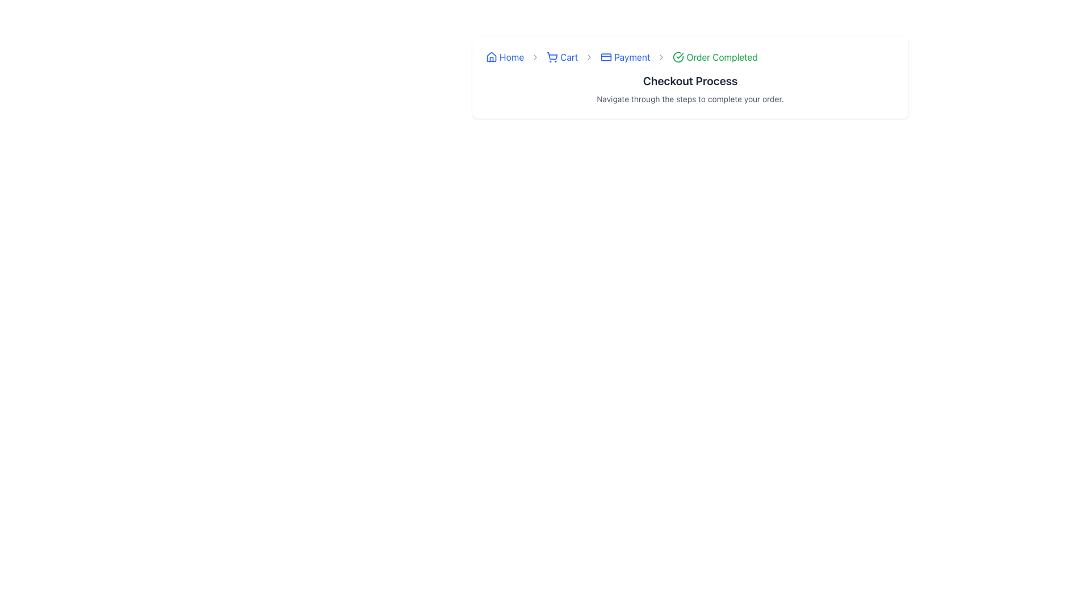 This screenshot has height=613, width=1090. What do you see at coordinates (491, 57) in the screenshot?
I see `the house icon located in the breadcrumb navigation adjacent to the 'Home' text label` at bounding box center [491, 57].